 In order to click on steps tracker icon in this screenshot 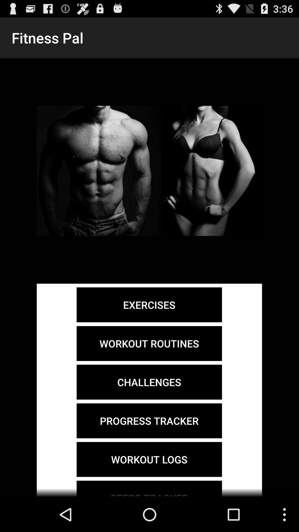, I will do `click(149, 489)`.